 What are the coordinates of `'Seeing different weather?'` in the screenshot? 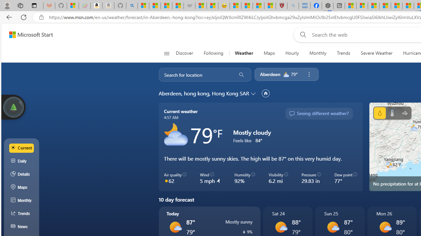 It's located at (319, 113).